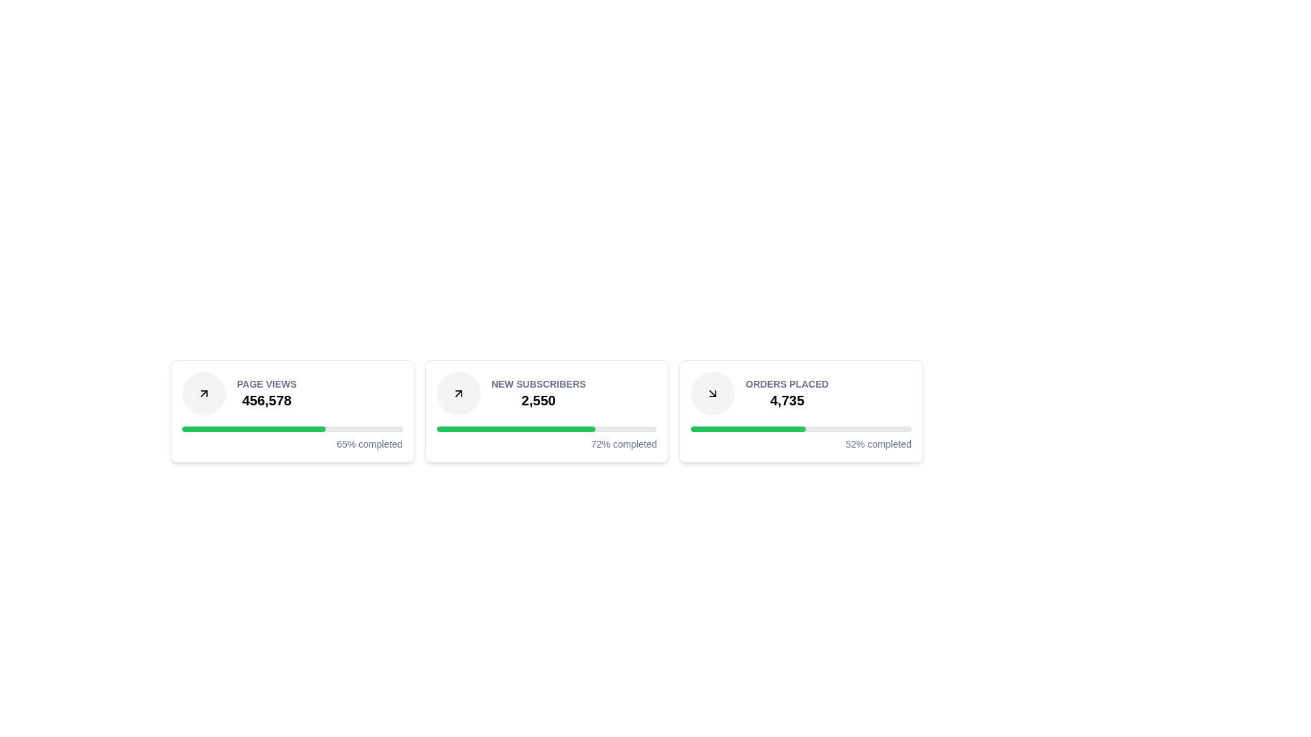 Image resolution: width=1311 pixels, height=737 pixels. What do you see at coordinates (801, 428) in the screenshot?
I see `the progress bar representing 52% completion located in the third card titled 'ORDERS PLACED', positioned below '4,735' and above '52% completed'` at bounding box center [801, 428].